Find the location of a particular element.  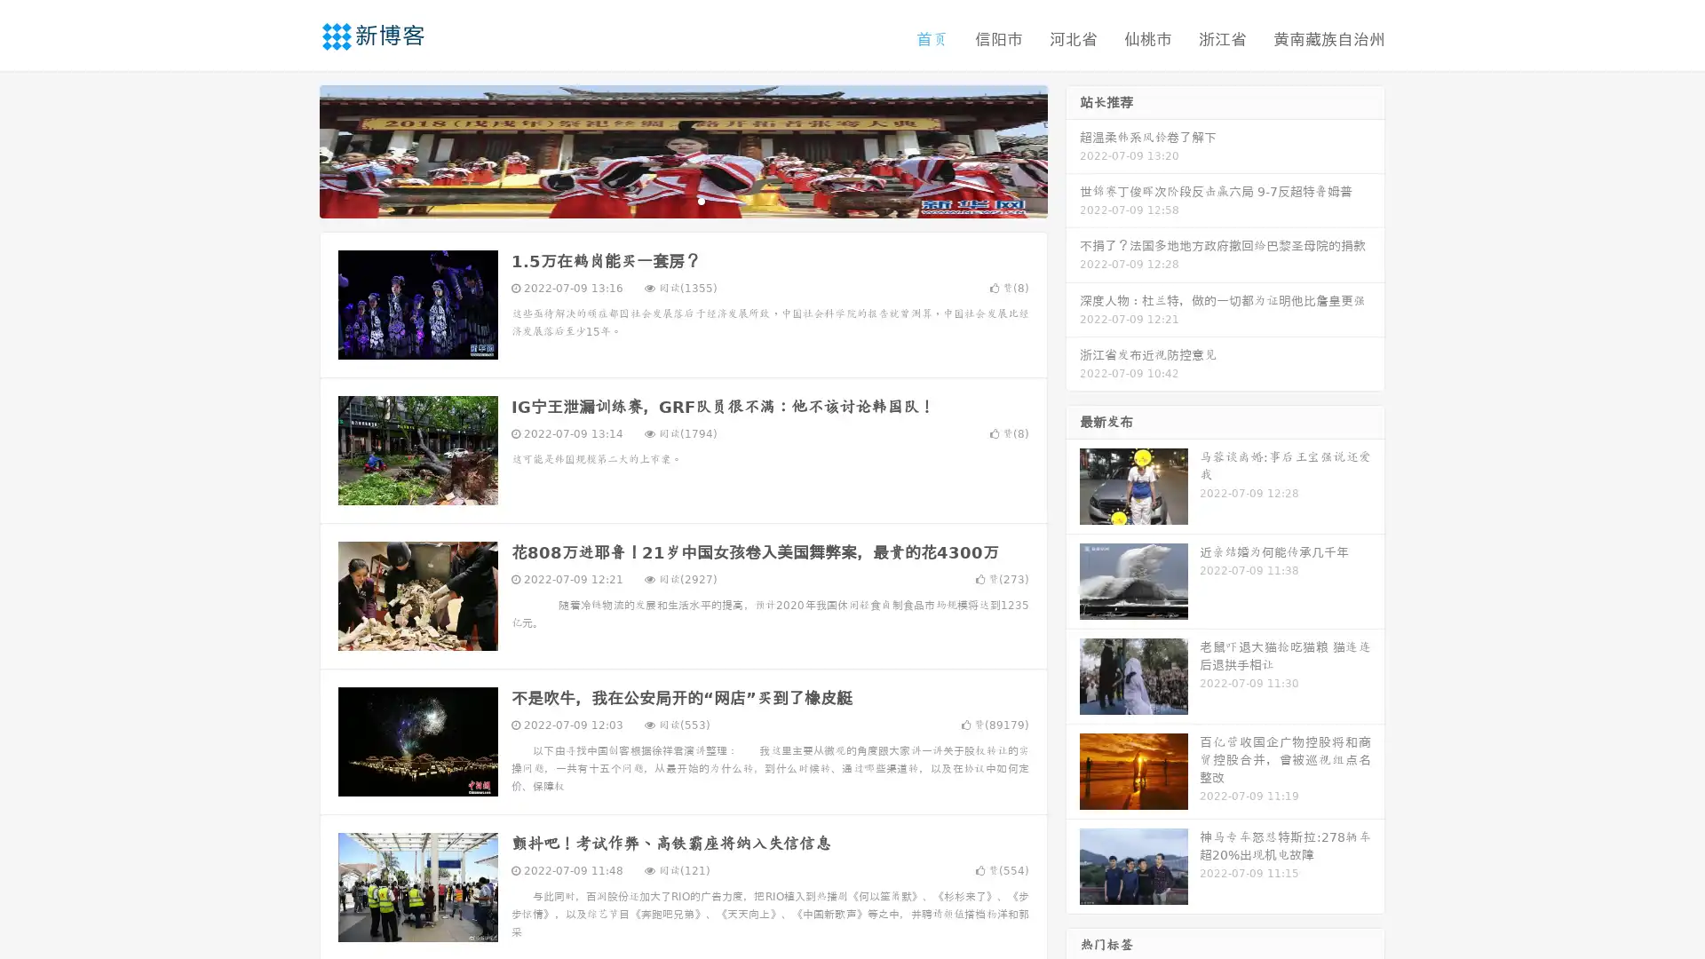

Go to slide 2 is located at coordinates (682, 200).